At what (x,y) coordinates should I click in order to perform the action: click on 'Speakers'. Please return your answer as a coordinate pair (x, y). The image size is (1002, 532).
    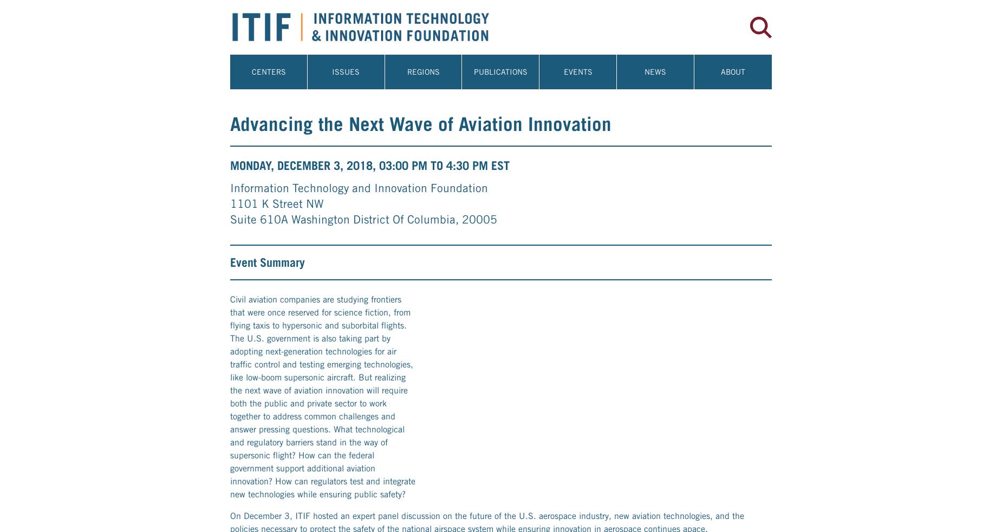
    Looking at the image, I should click on (252, 413).